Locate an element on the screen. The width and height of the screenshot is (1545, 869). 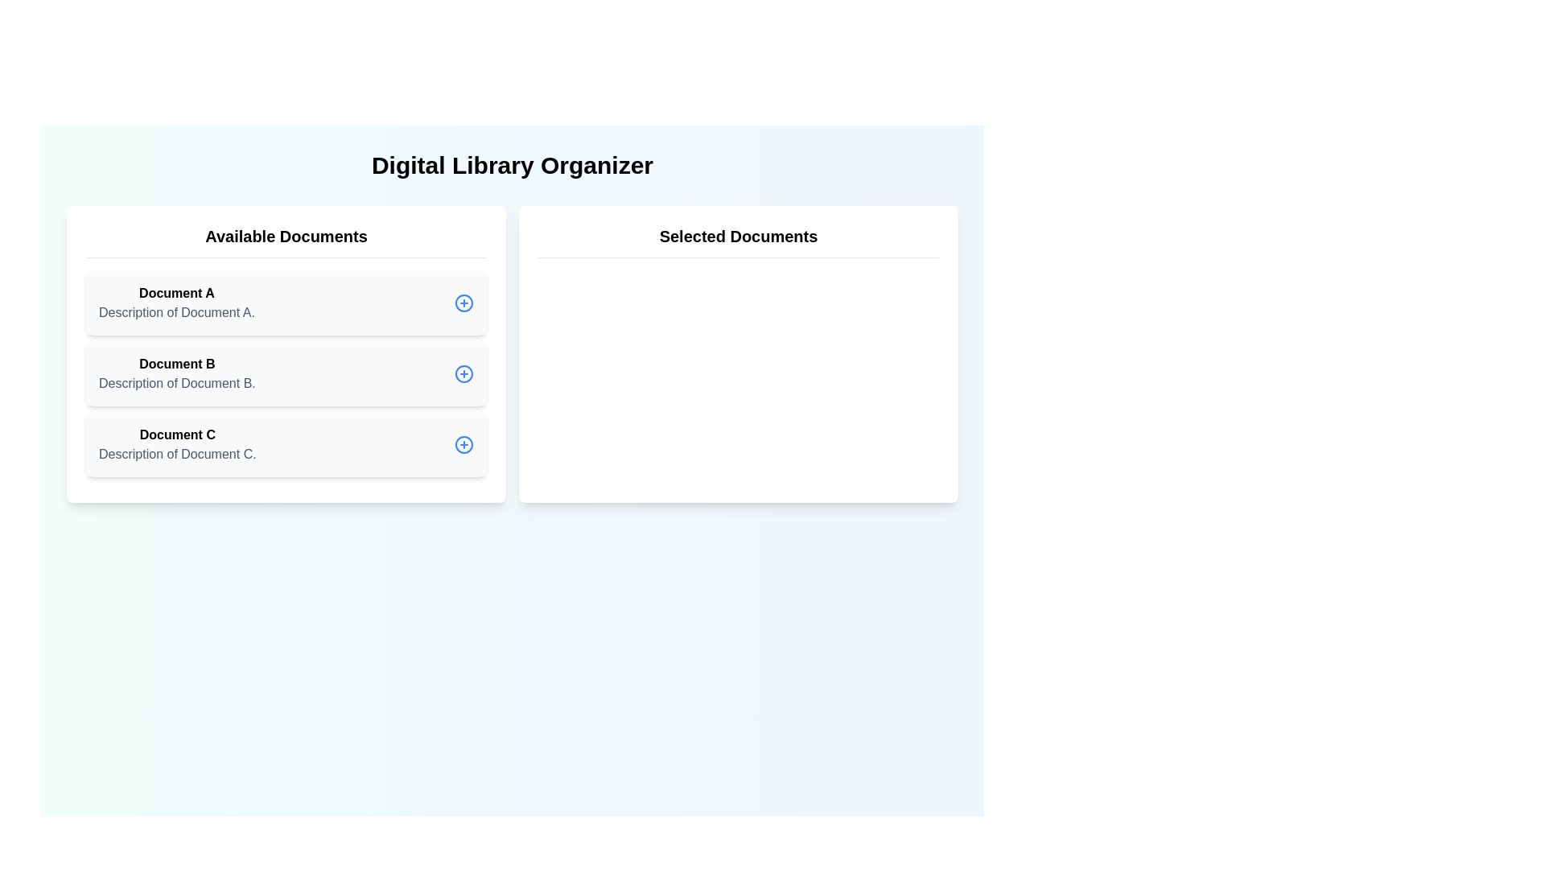
the List item titled 'Document B' which has a description 'Description of Document B.' and is located as the second entry under the 'Available Documents' section in the left panel is located at coordinates (177, 374).